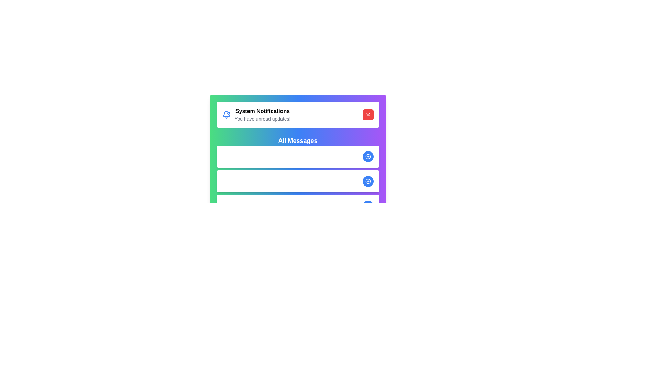 The image size is (660, 371). Describe the element at coordinates (298, 140) in the screenshot. I see `the 'All Messages' section to expand and view all messages` at that location.